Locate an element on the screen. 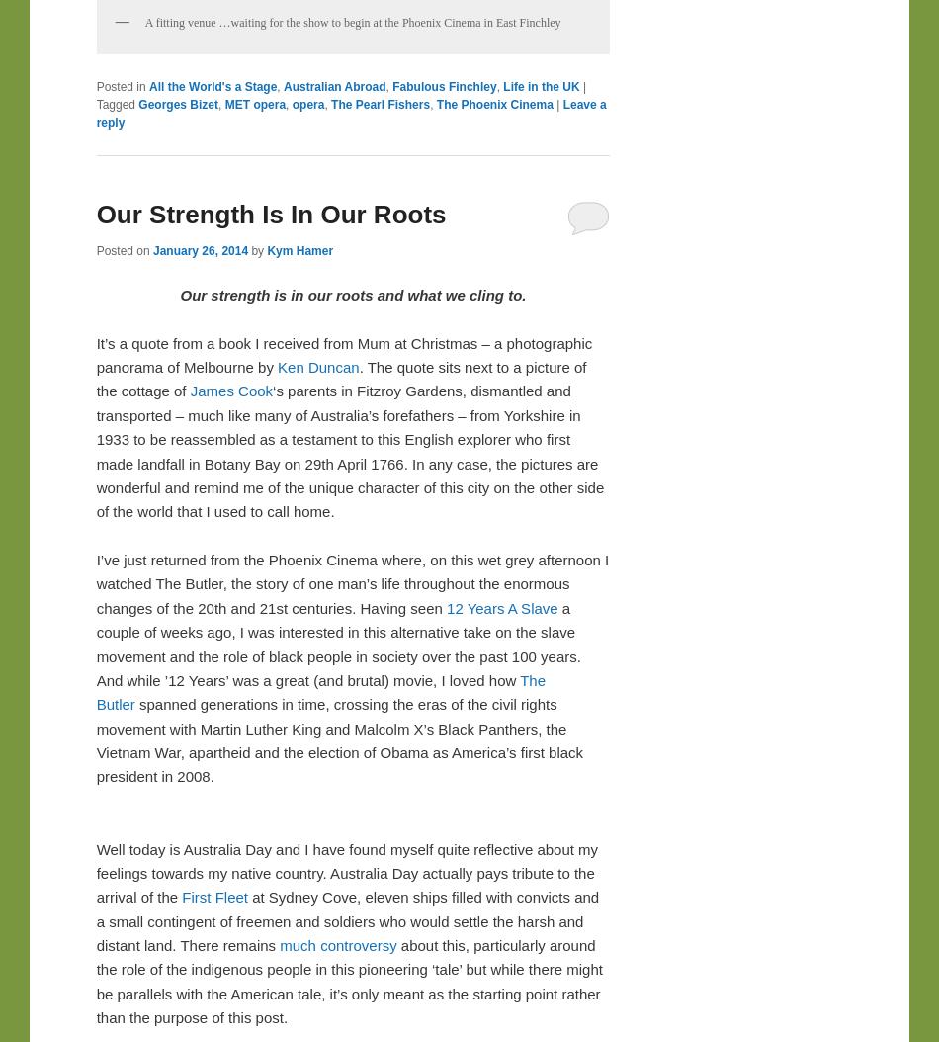  'The Butler' is located at coordinates (95, 690).